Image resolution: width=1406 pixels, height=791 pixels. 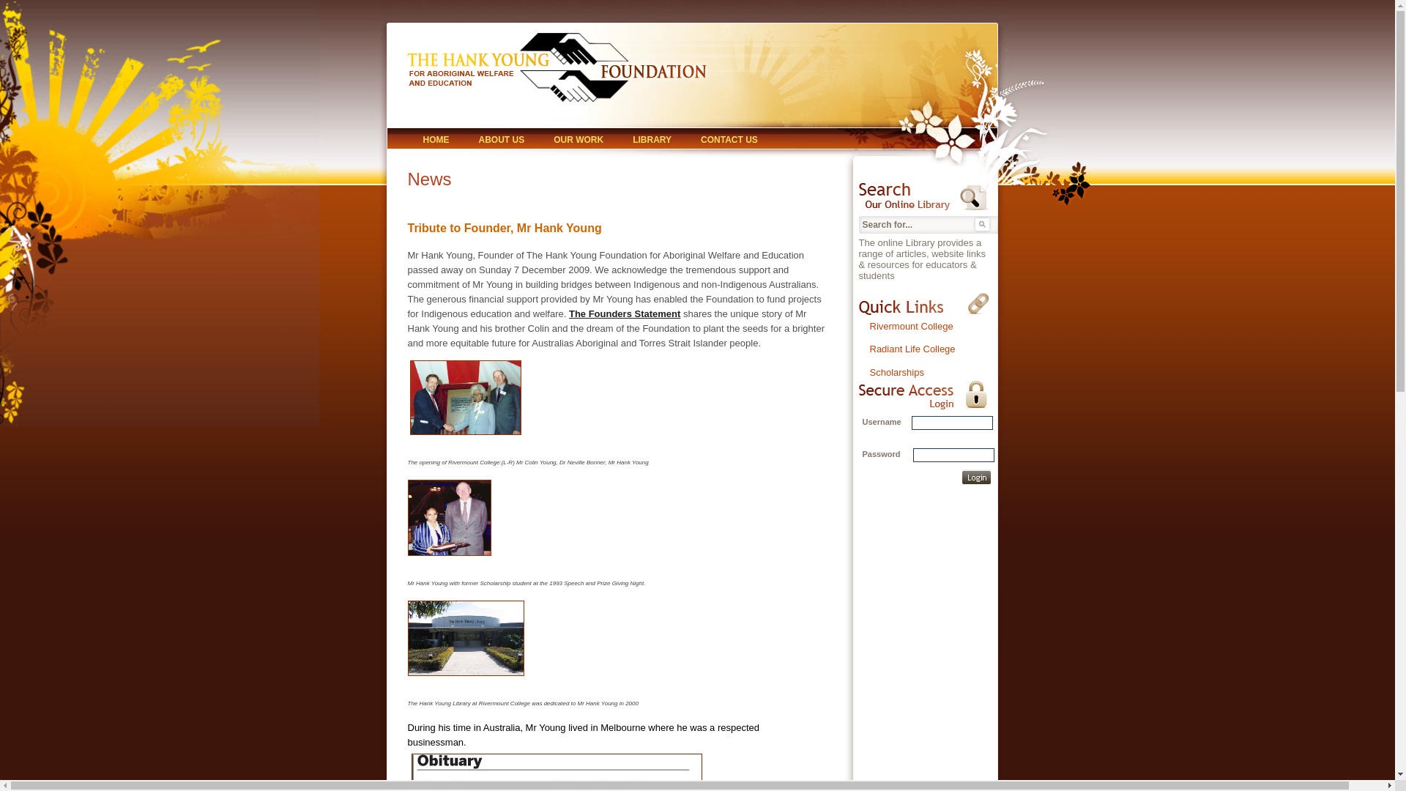 I want to click on 'Scholarships', so click(x=896, y=371).